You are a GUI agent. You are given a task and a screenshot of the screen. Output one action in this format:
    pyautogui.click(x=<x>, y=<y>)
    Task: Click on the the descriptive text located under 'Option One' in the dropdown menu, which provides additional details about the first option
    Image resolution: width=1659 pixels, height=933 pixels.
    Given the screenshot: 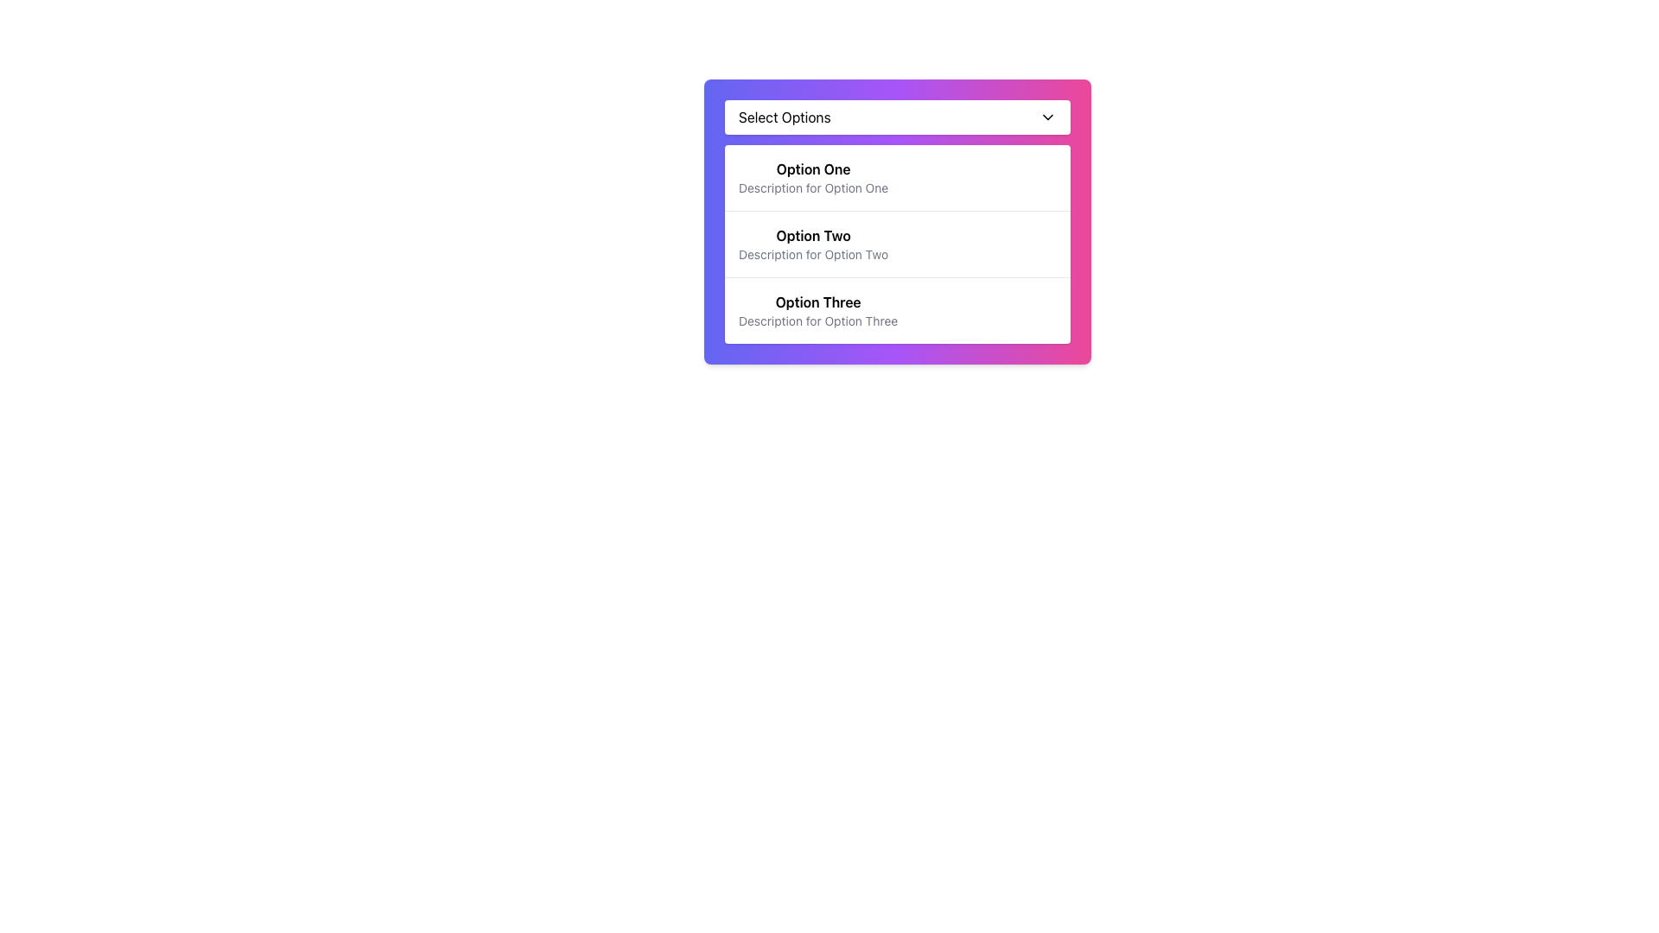 What is the action you would take?
    pyautogui.click(x=812, y=188)
    